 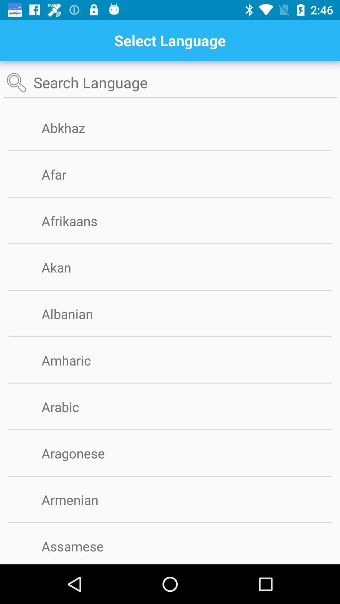 I want to click on icon below afrikaans item, so click(x=170, y=243).